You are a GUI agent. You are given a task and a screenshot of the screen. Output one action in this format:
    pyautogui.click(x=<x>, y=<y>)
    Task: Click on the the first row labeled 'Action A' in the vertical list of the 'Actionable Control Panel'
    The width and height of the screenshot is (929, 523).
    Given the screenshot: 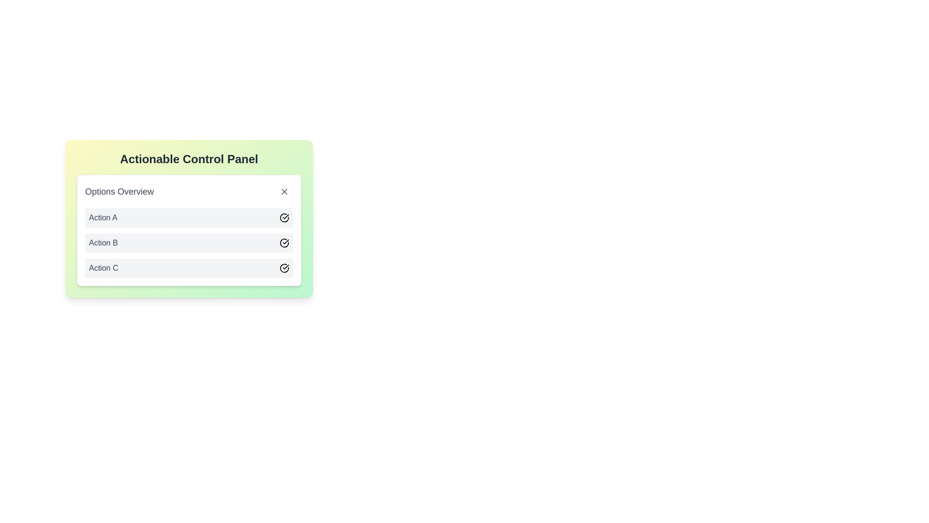 What is the action you would take?
    pyautogui.click(x=189, y=218)
    